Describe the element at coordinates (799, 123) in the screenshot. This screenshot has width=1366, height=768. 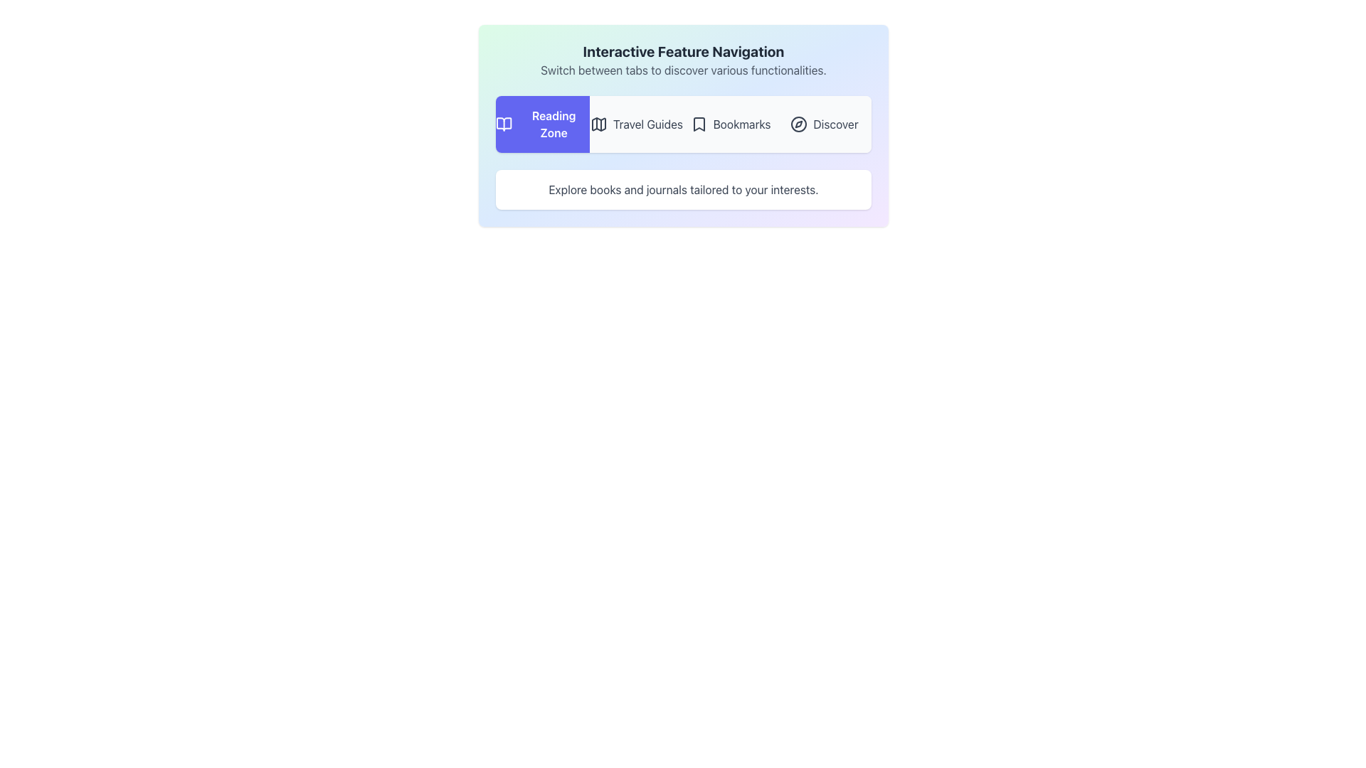
I see `the 'Discover' icon located at the rightmost tab of the navigation bar, positioned immediately left of the 'Discover' text label` at that location.